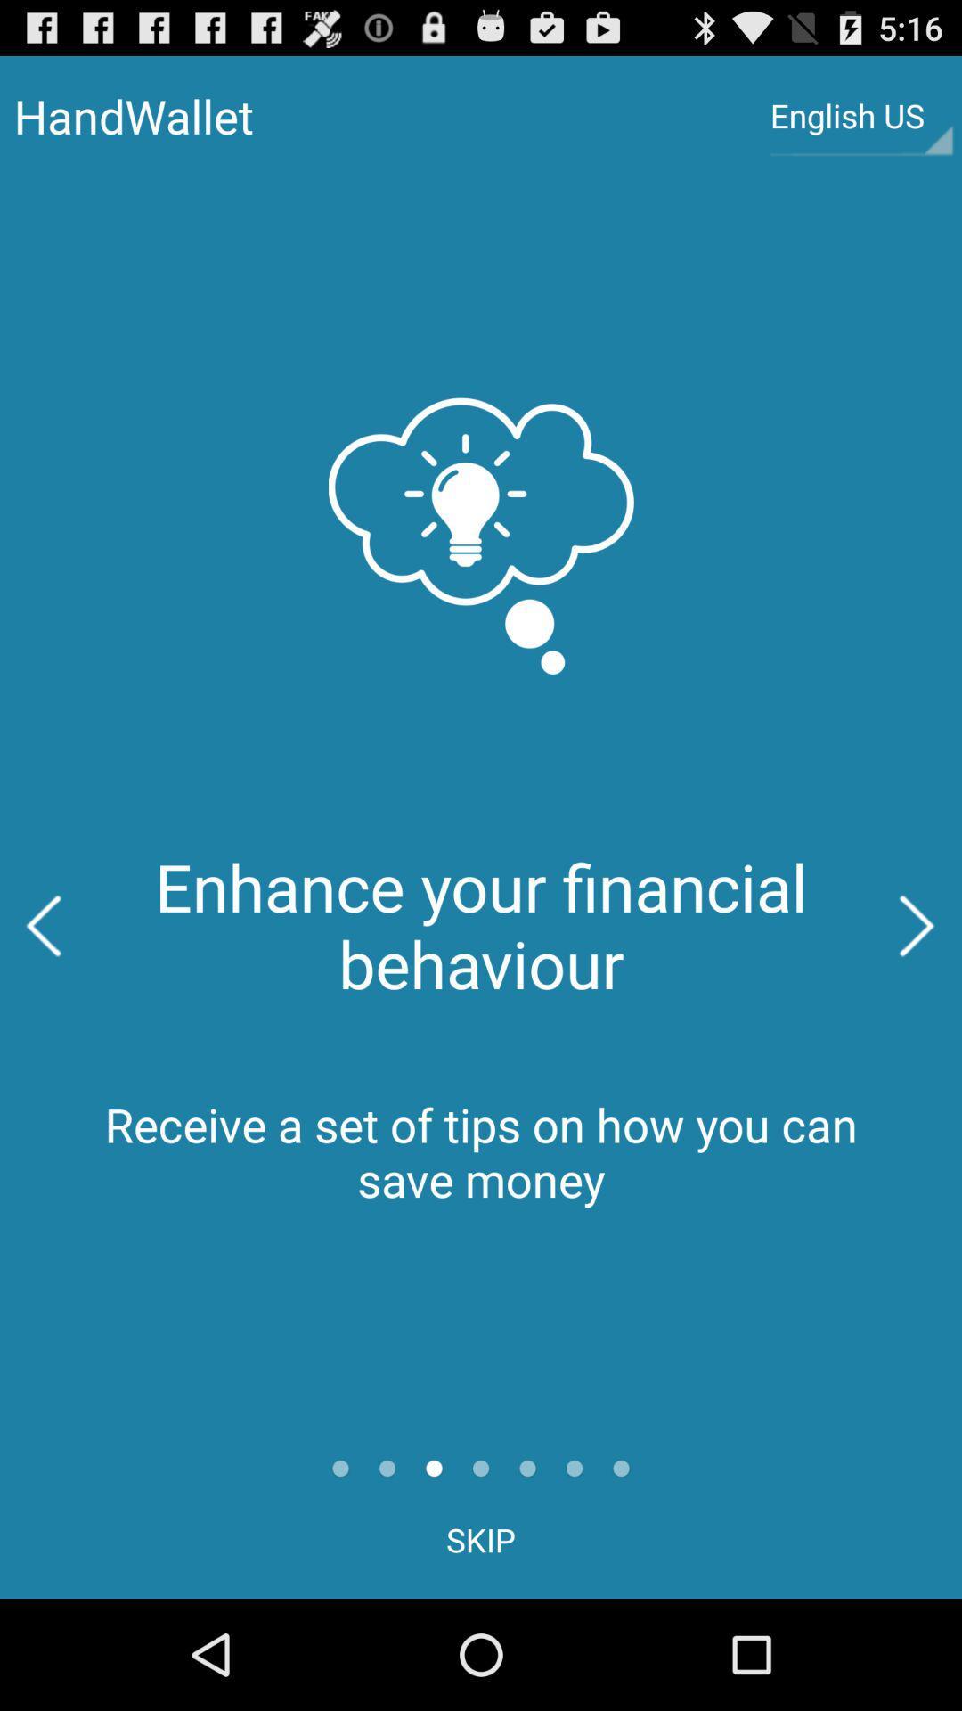  What do you see at coordinates (860, 115) in the screenshot?
I see `english us item` at bounding box center [860, 115].